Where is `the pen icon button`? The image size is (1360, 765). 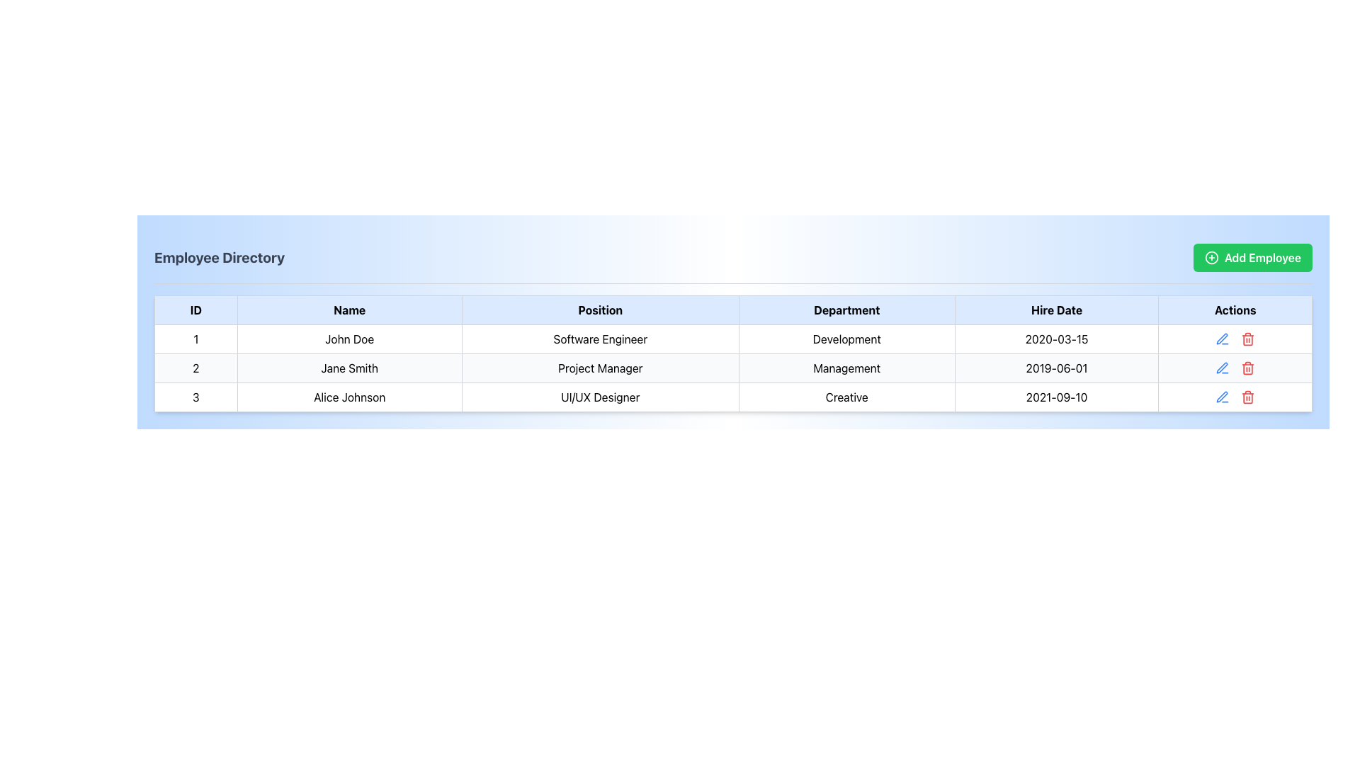
the pen icon button is located at coordinates (1221, 397).